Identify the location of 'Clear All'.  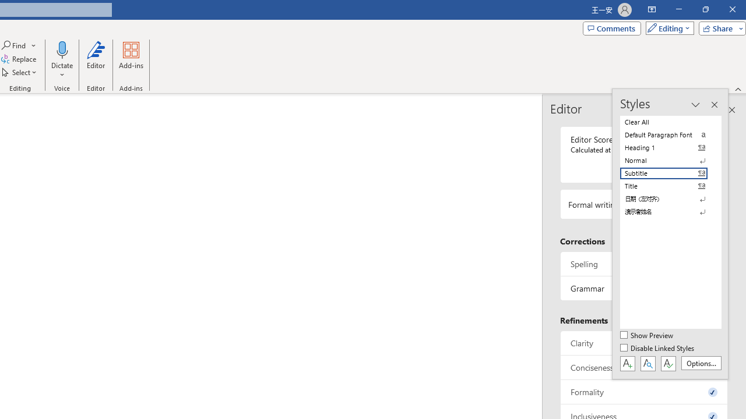
(670, 122).